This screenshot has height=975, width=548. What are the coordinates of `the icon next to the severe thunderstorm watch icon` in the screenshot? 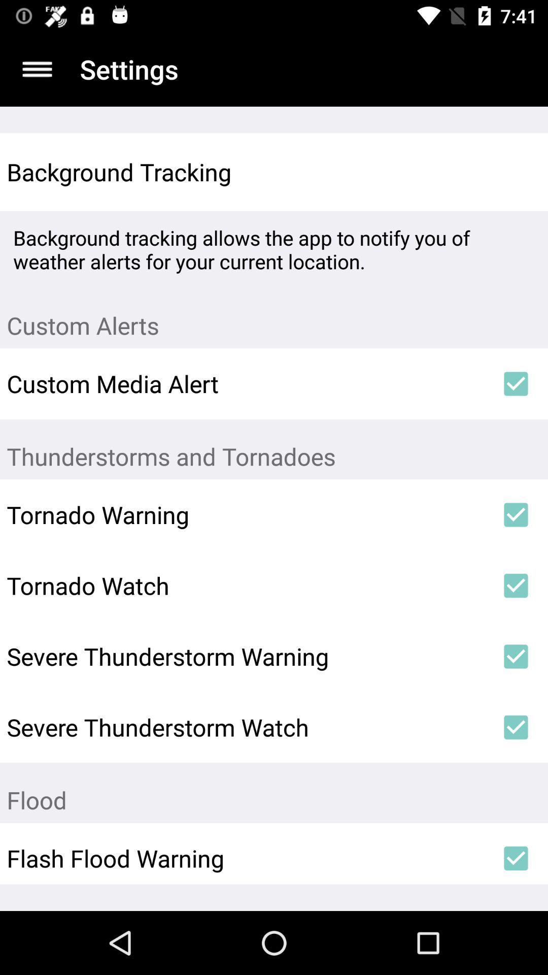 It's located at (516, 727).